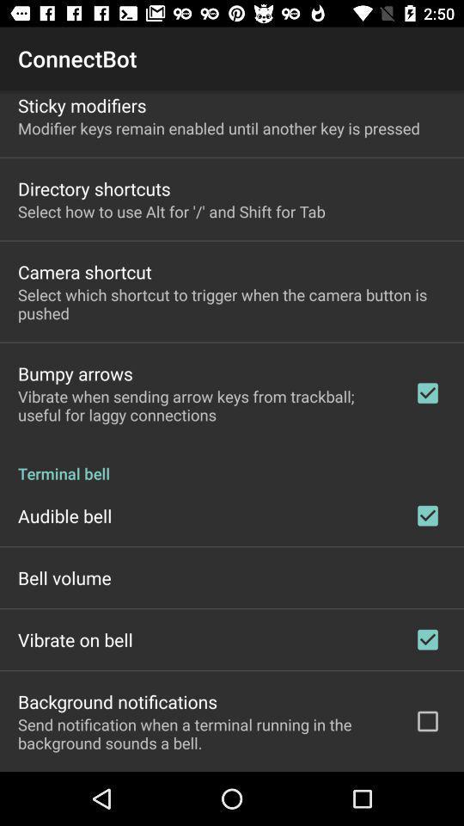 Image resolution: width=464 pixels, height=826 pixels. What do you see at coordinates (64, 515) in the screenshot?
I see `item below terminal bell icon` at bounding box center [64, 515].